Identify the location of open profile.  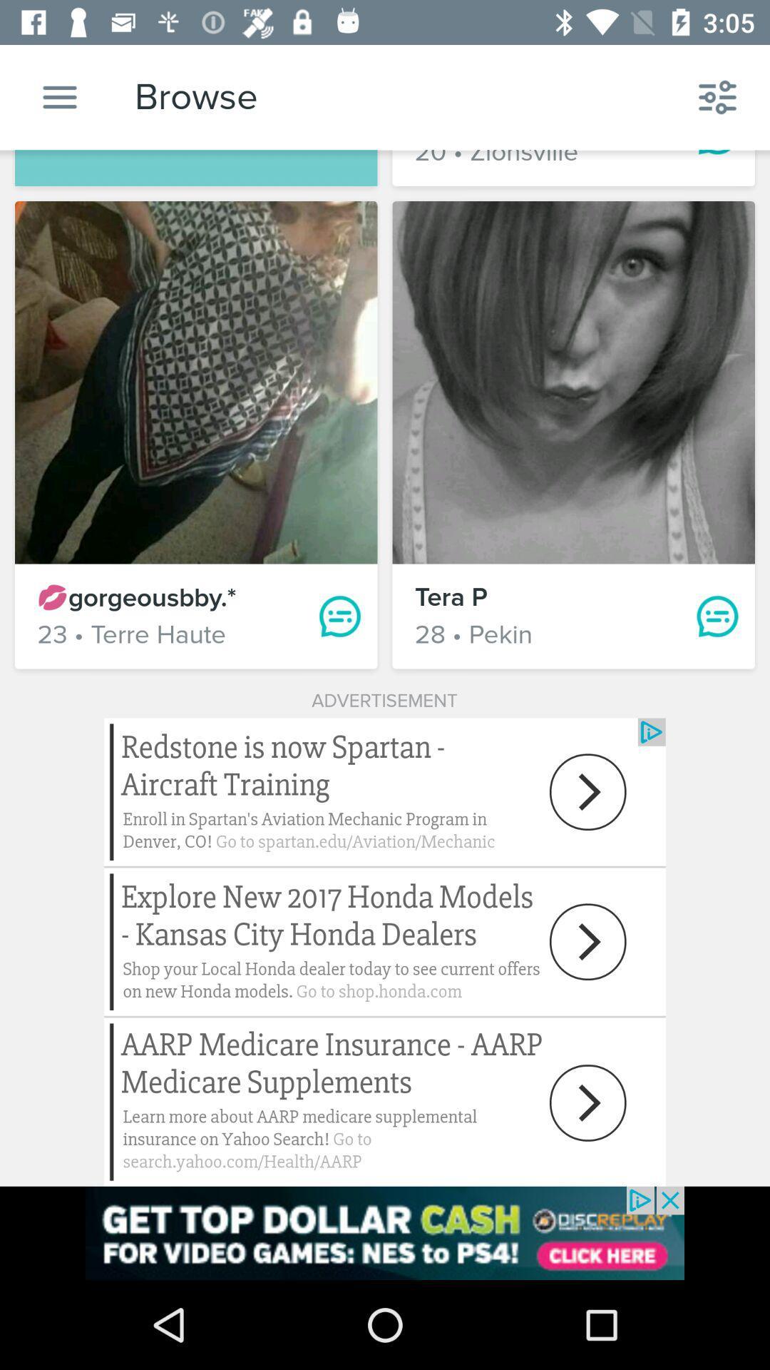
(573, 382).